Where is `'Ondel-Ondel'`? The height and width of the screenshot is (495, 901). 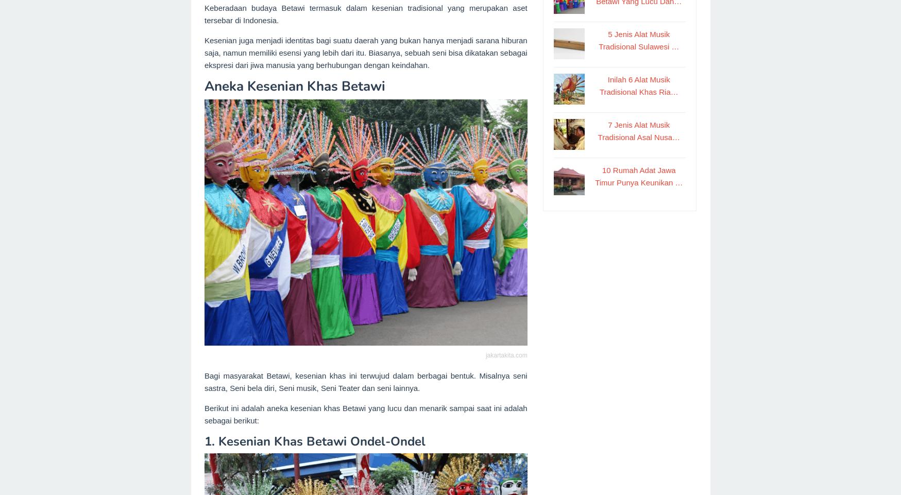
'Ondel-Ondel' is located at coordinates (387, 441).